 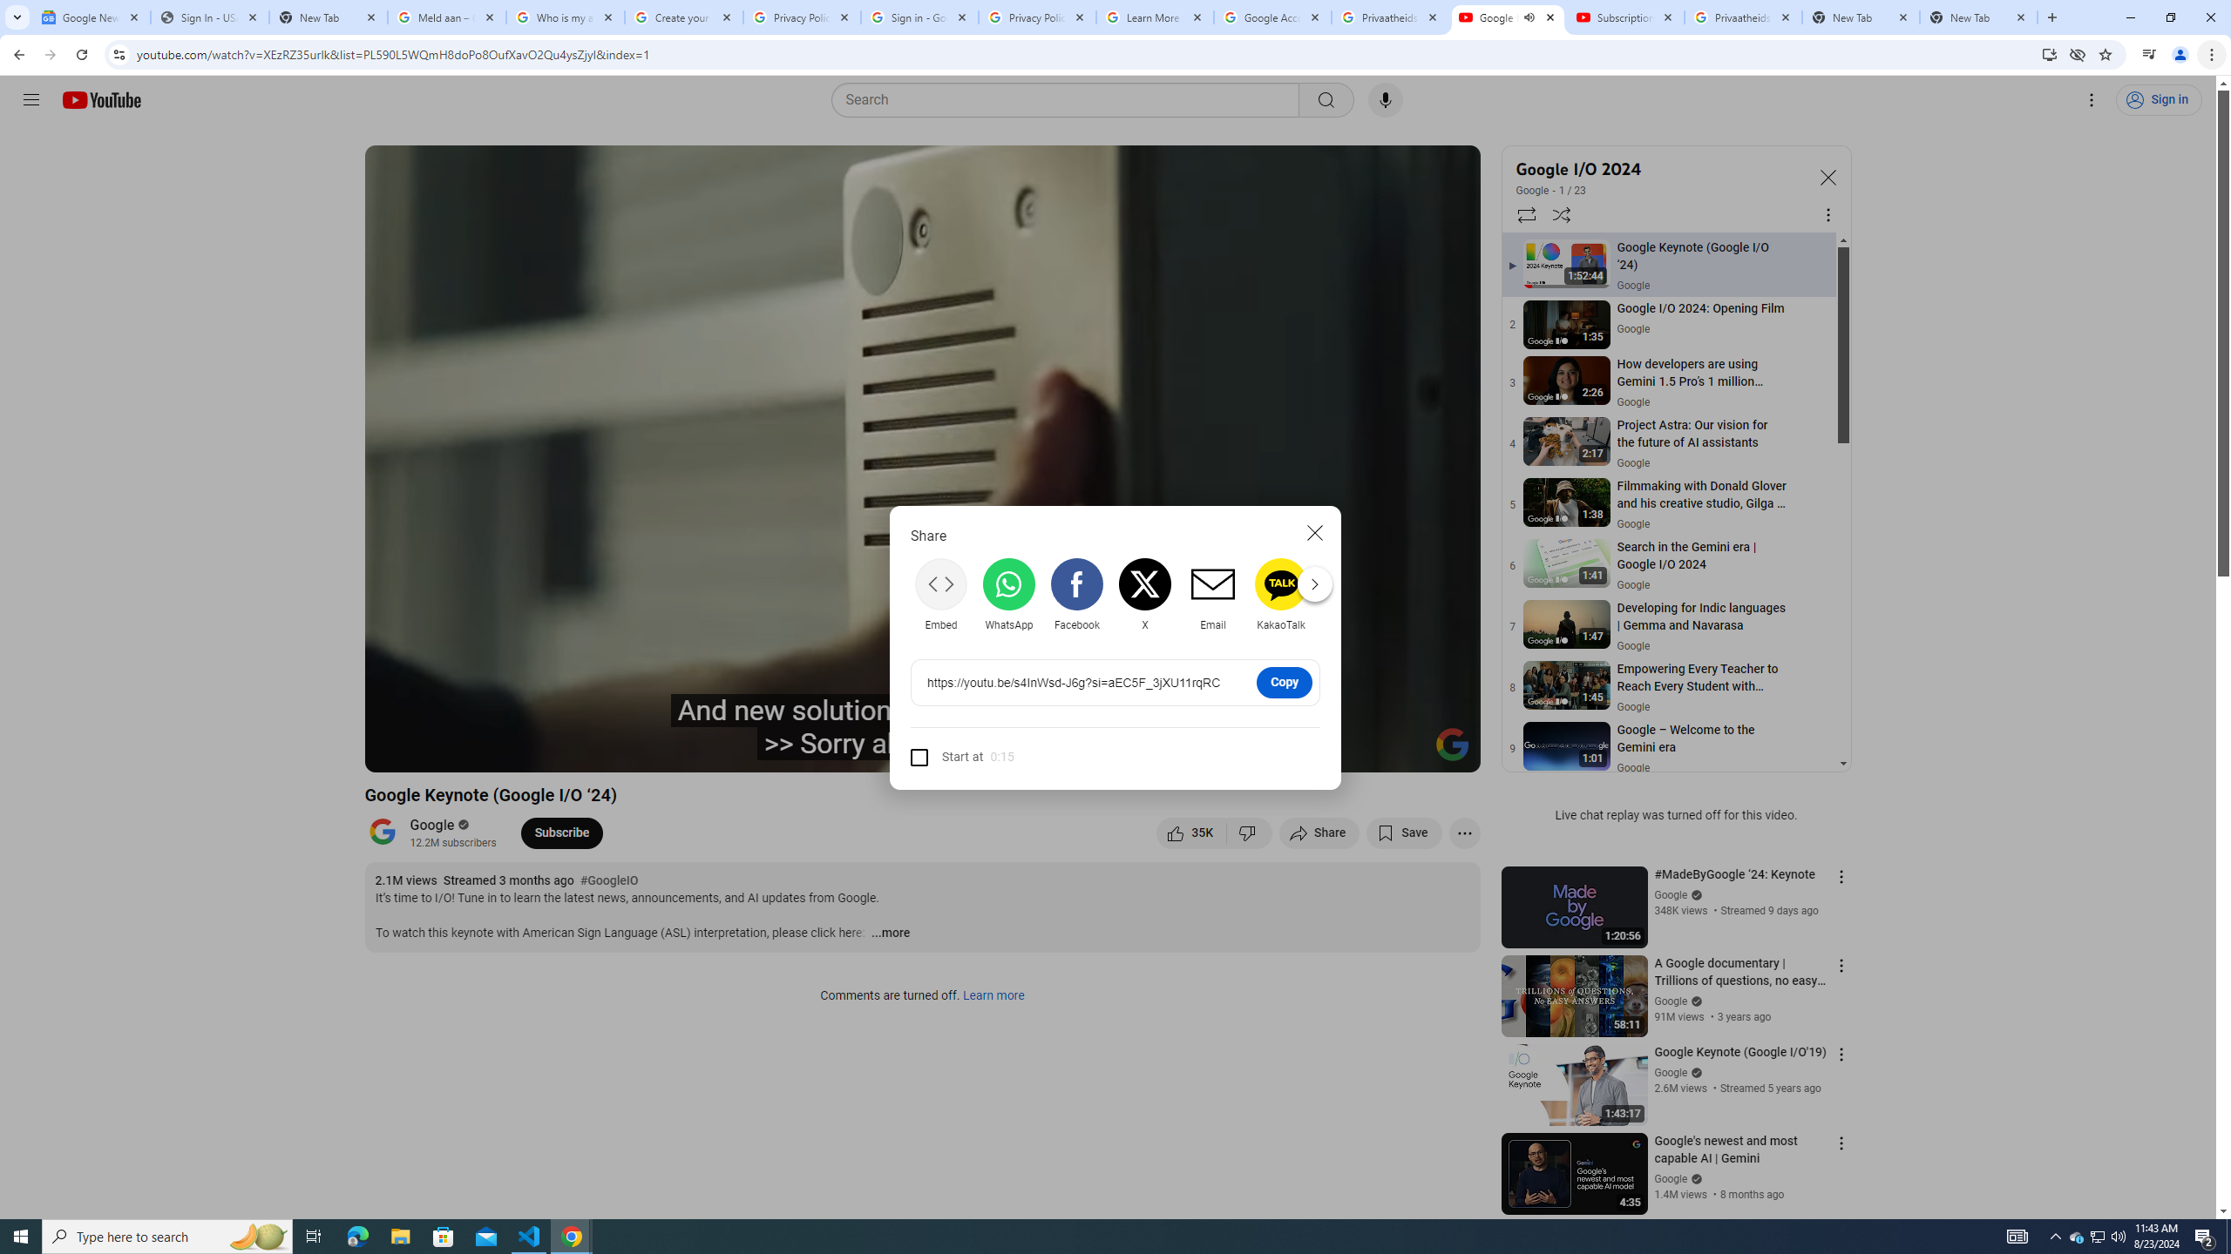 What do you see at coordinates (946, 757) in the screenshot?
I see `'Start at'` at bounding box center [946, 757].